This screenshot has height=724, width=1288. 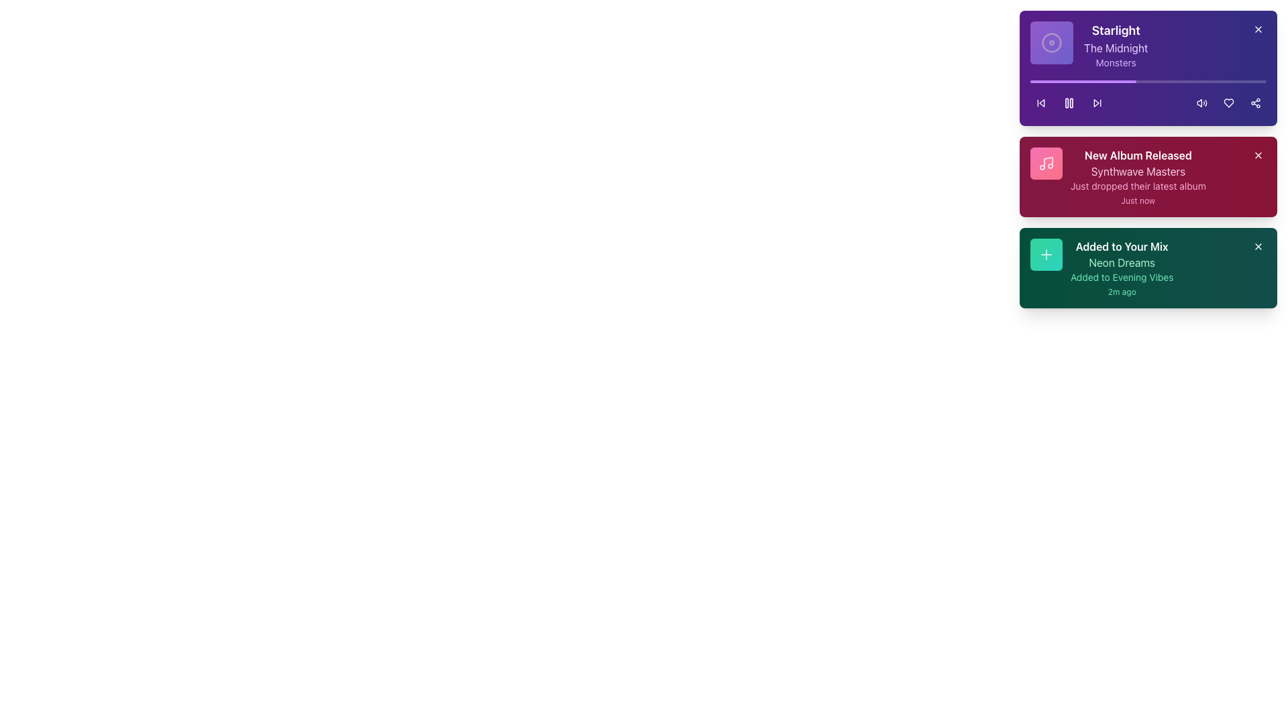 I want to click on the text label reading 'Added to Evening Vibes', which is styled in emerald green and positioned within a notification card, located below 'Neon Dreams' and above '2m ago', so click(x=1122, y=276).